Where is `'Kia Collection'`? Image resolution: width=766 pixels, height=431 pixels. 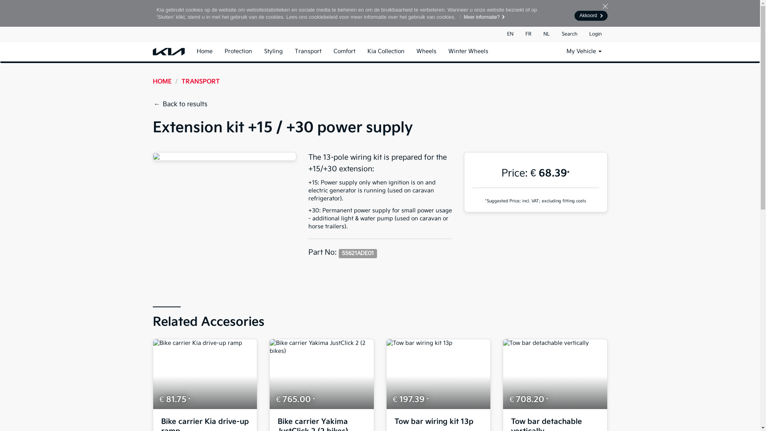 'Kia Collection' is located at coordinates (386, 51).